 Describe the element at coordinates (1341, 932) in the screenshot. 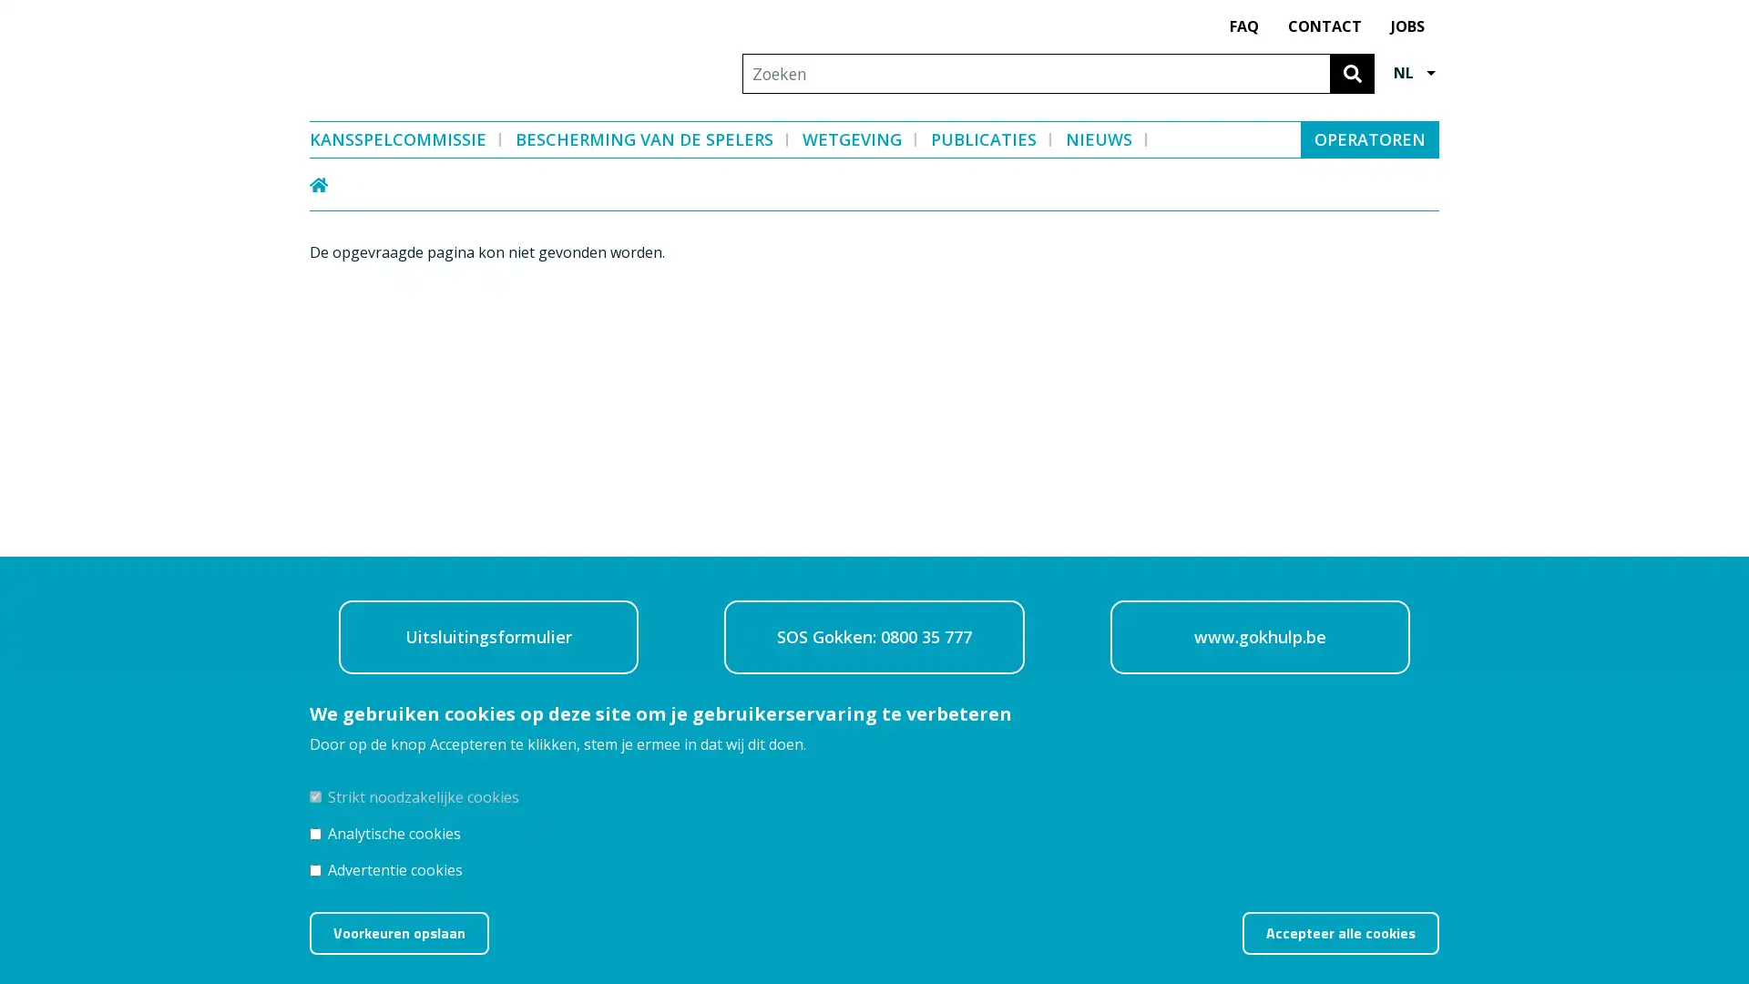

I see `Accepteer alle cookies` at that location.